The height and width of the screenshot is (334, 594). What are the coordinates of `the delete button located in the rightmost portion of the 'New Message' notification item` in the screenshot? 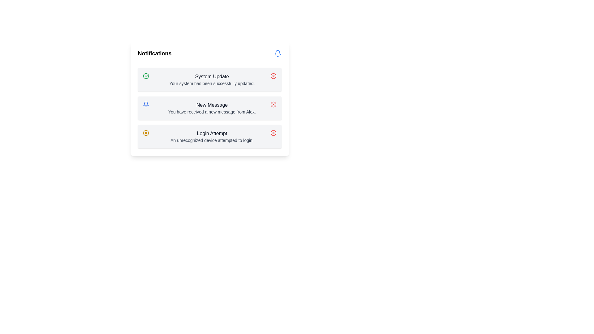 It's located at (273, 104).